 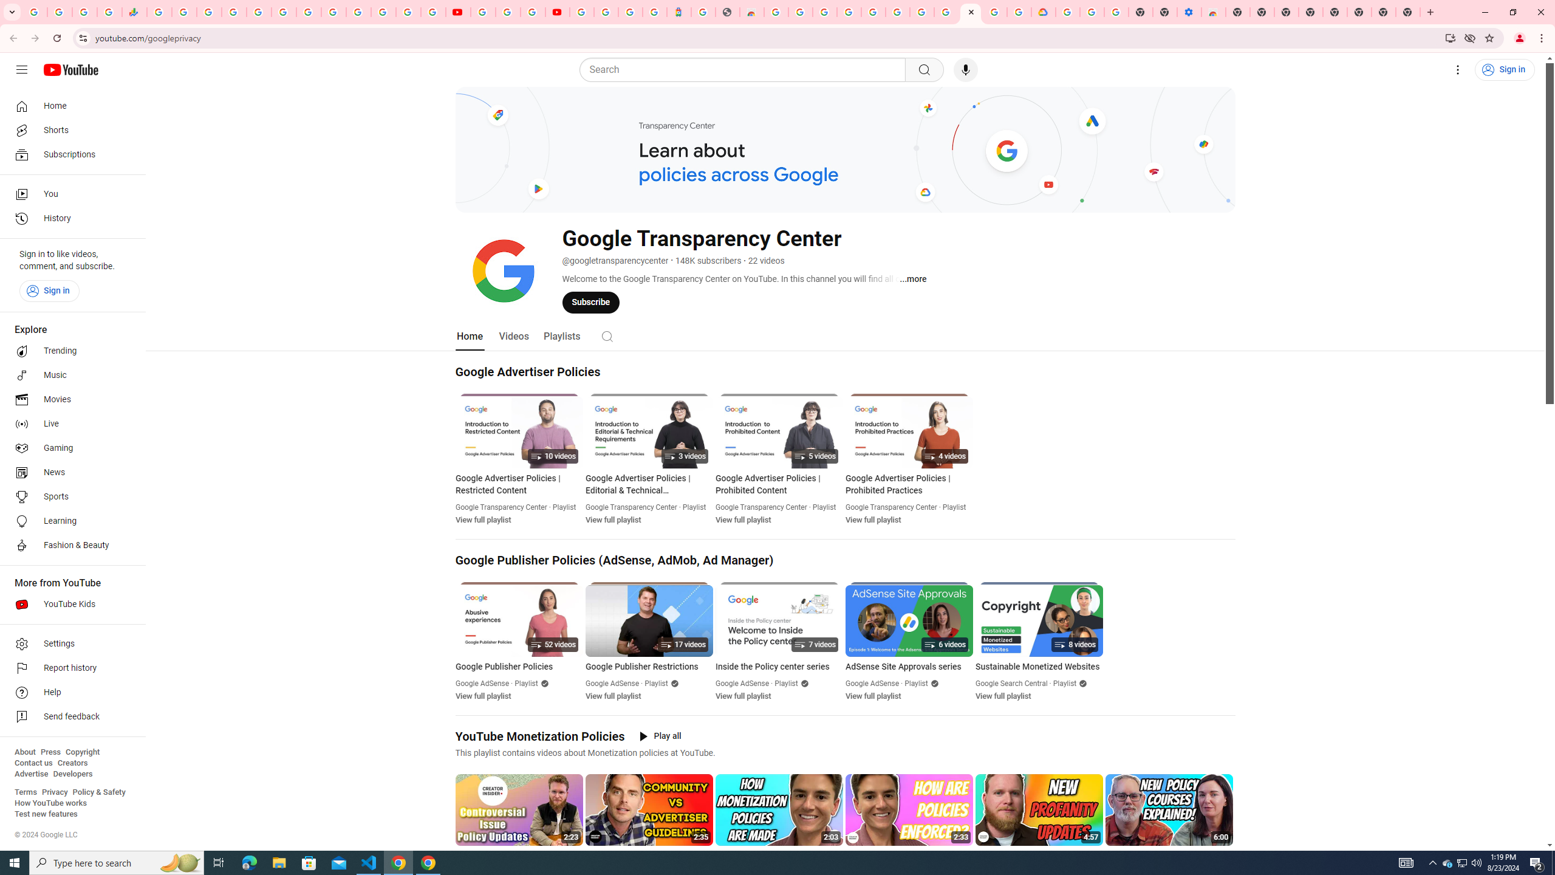 I want to click on 'Browse the Google Chrome Community - Google Chrome Community', so click(x=1019, y=12).